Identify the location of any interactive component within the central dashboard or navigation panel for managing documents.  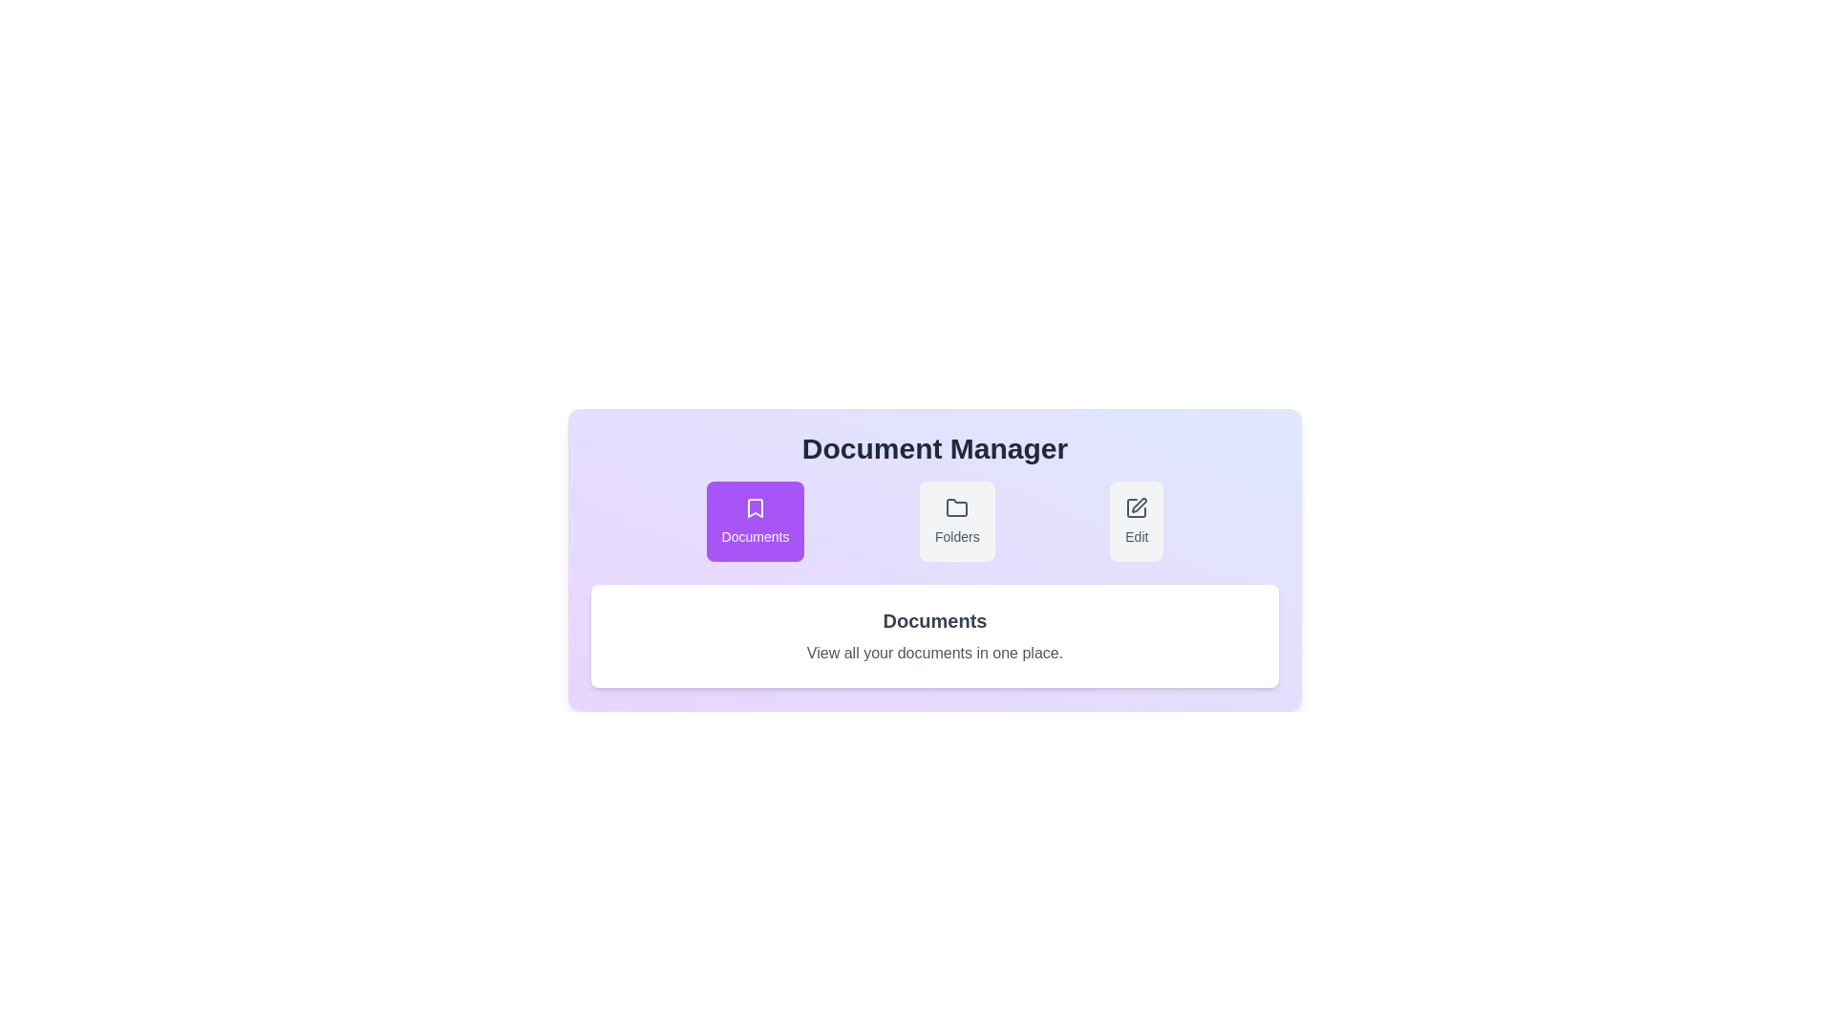
(935, 548).